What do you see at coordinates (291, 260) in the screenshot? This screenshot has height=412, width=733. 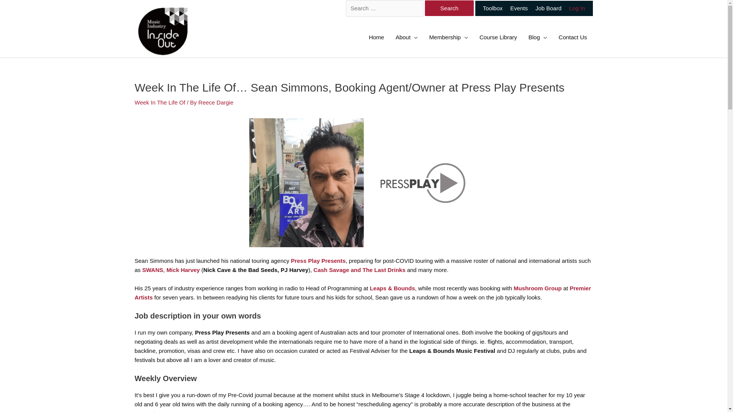 I see `'Press Play Presents'` at bounding box center [291, 260].